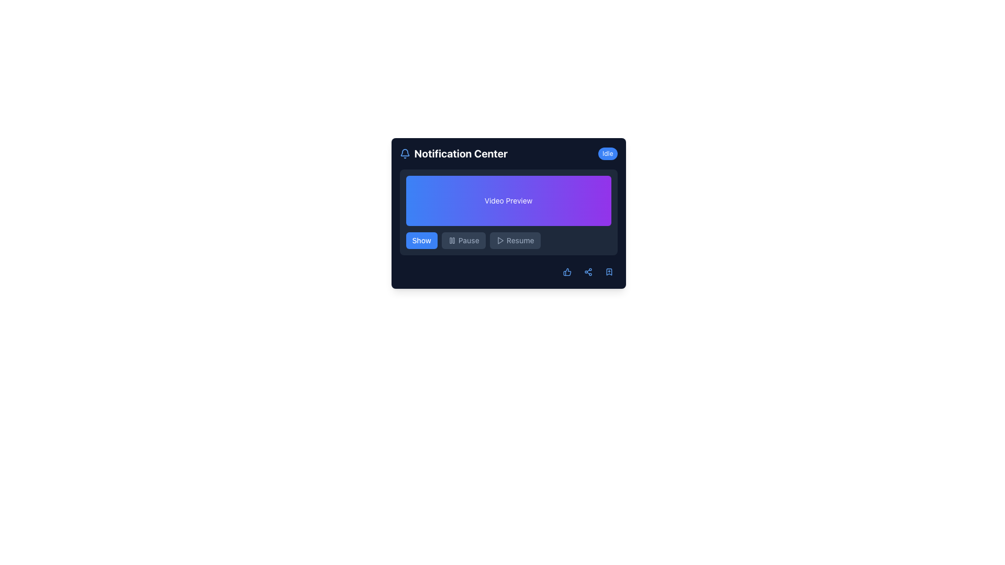 The width and height of the screenshot is (1005, 565). I want to click on the 'Video Preview' static informational section, which has a gradient background from blue to purple and contains the text 'Video Preview' in white font, located centrally in the 'Notification Center', so click(508, 201).